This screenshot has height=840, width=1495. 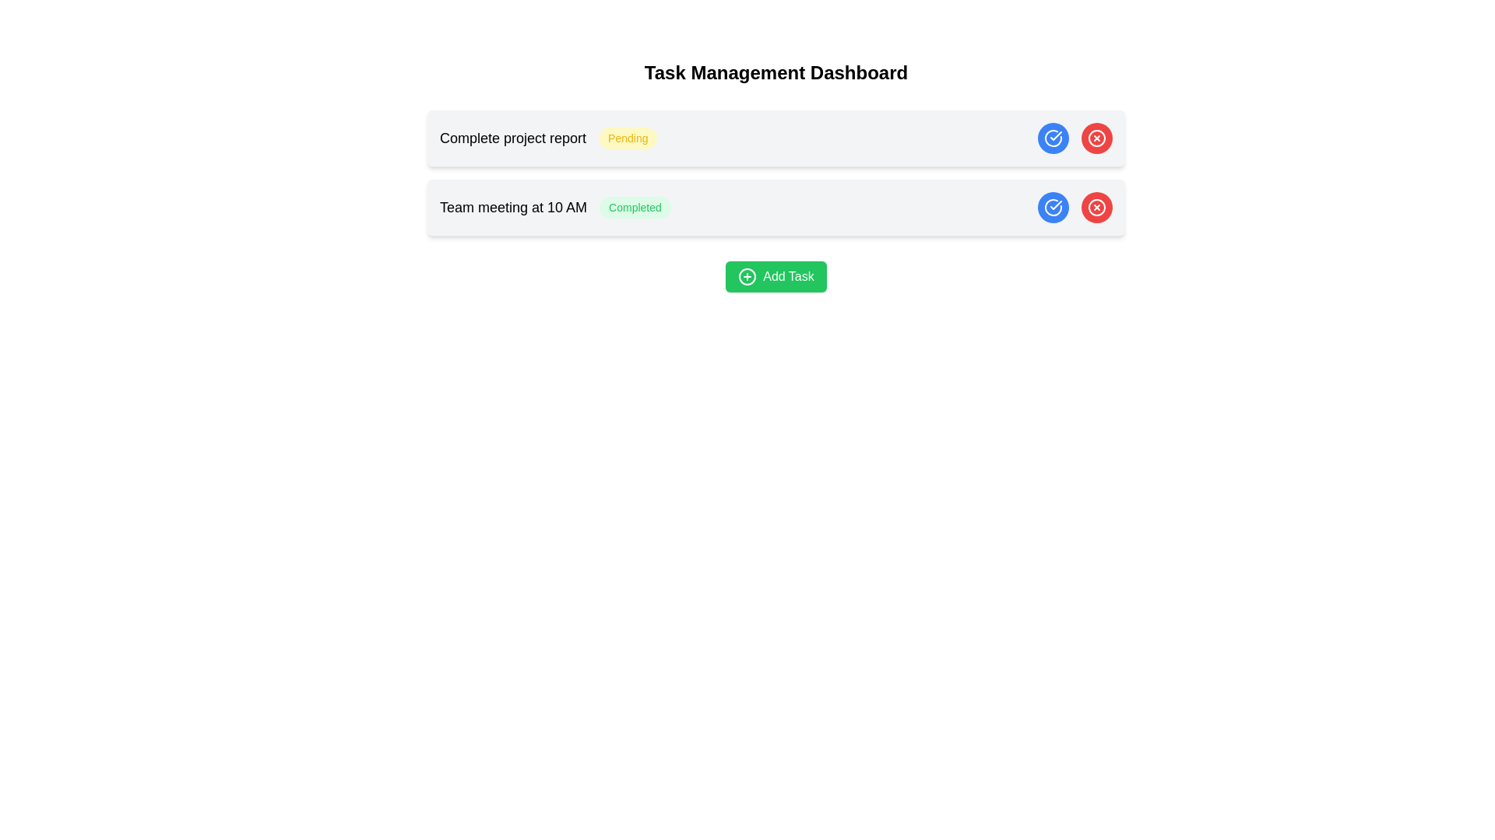 I want to click on task details from the second item in the vertical list of tasks, which displays the task title and its current completion status, so click(x=555, y=206).